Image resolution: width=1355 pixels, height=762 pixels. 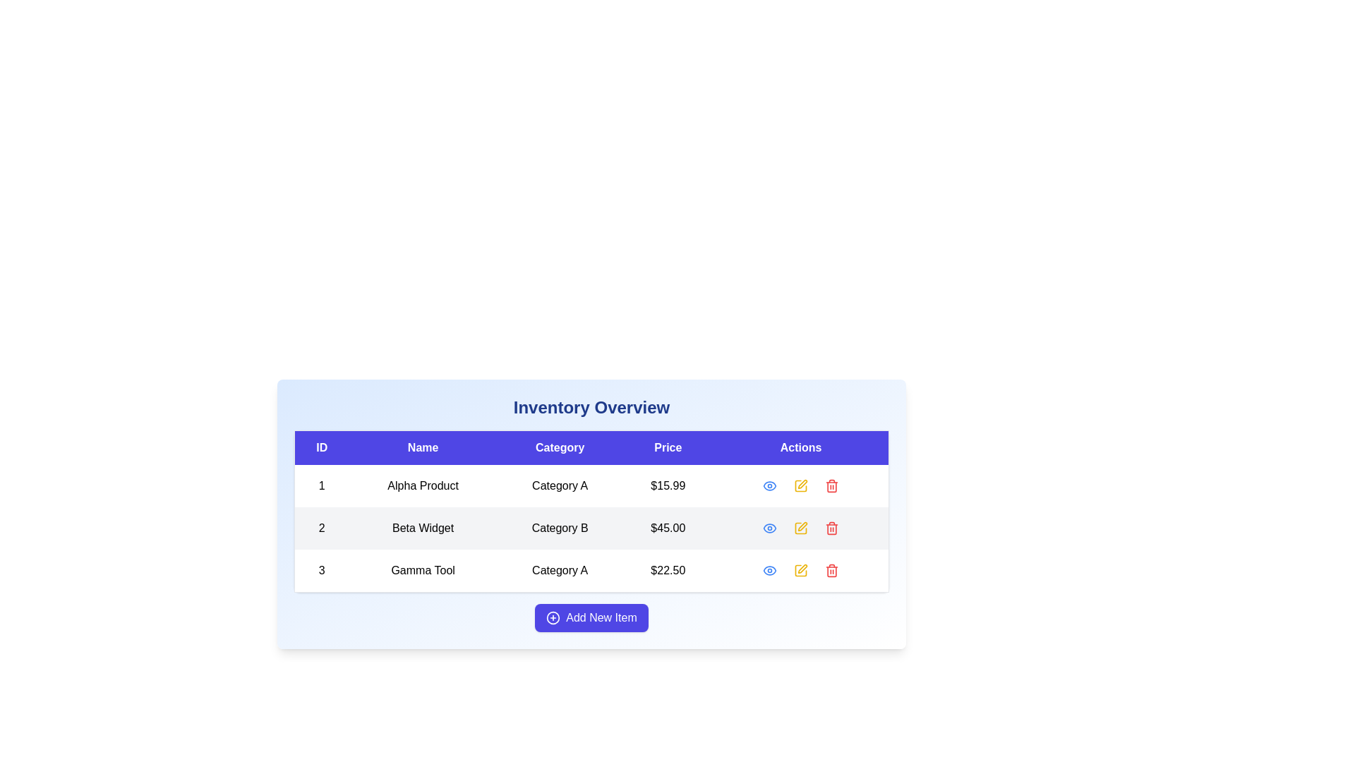 What do you see at coordinates (769, 528) in the screenshot?
I see `the 'view' button located in the third column of the second row of the table in the 'Actions' column` at bounding box center [769, 528].